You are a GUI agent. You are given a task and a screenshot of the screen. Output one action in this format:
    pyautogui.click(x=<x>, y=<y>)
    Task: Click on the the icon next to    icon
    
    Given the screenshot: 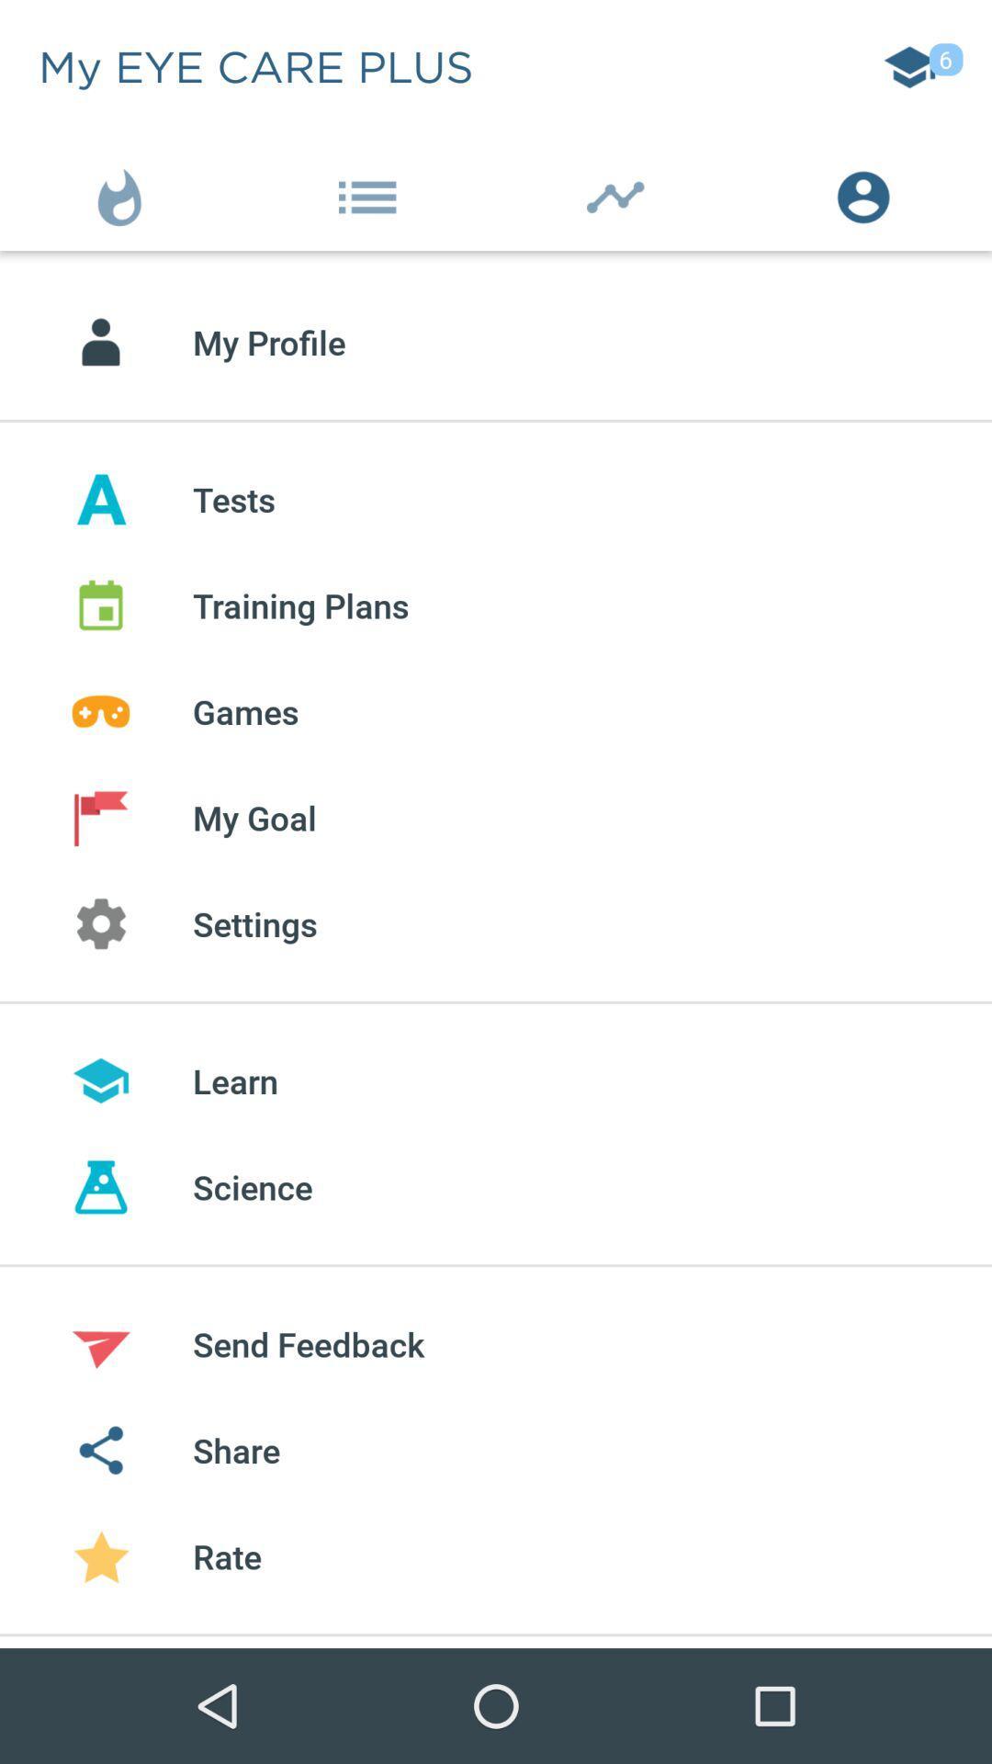 What is the action you would take?
    pyautogui.click(x=372, y=193)
    